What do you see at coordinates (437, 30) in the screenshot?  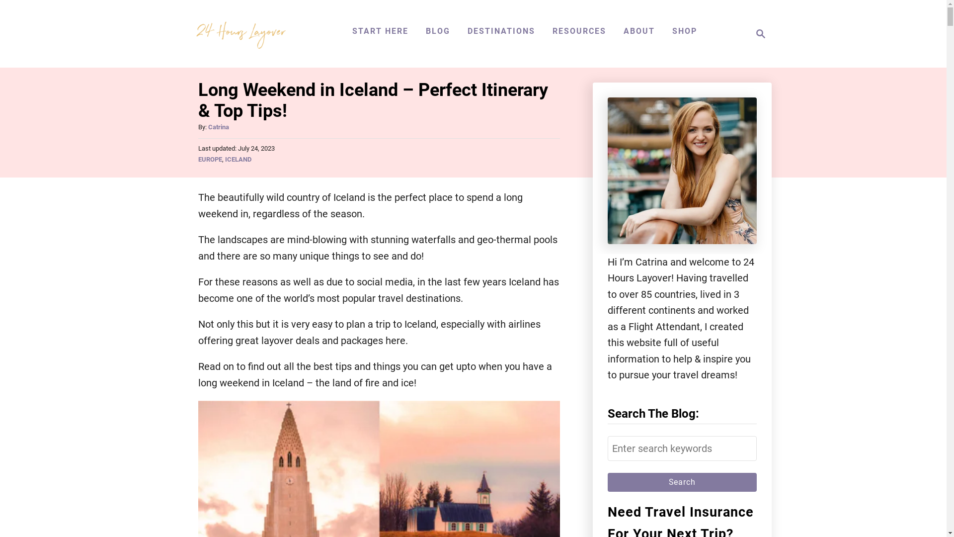 I see `'BLOG'` at bounding box center [437, 30].